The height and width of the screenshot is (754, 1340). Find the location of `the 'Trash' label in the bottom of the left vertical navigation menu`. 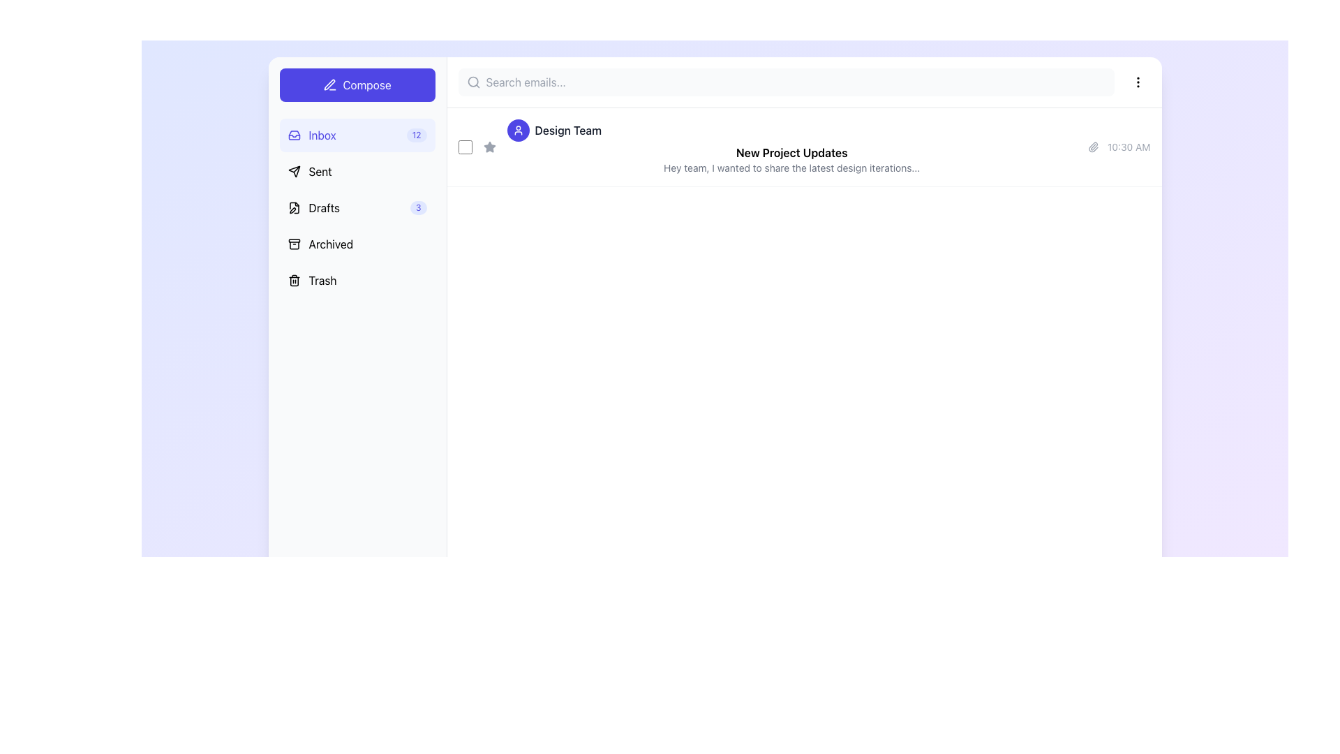

the 'Trash' label in the bottom of the left vertical navigation menu is located at coordinates (322, 280).